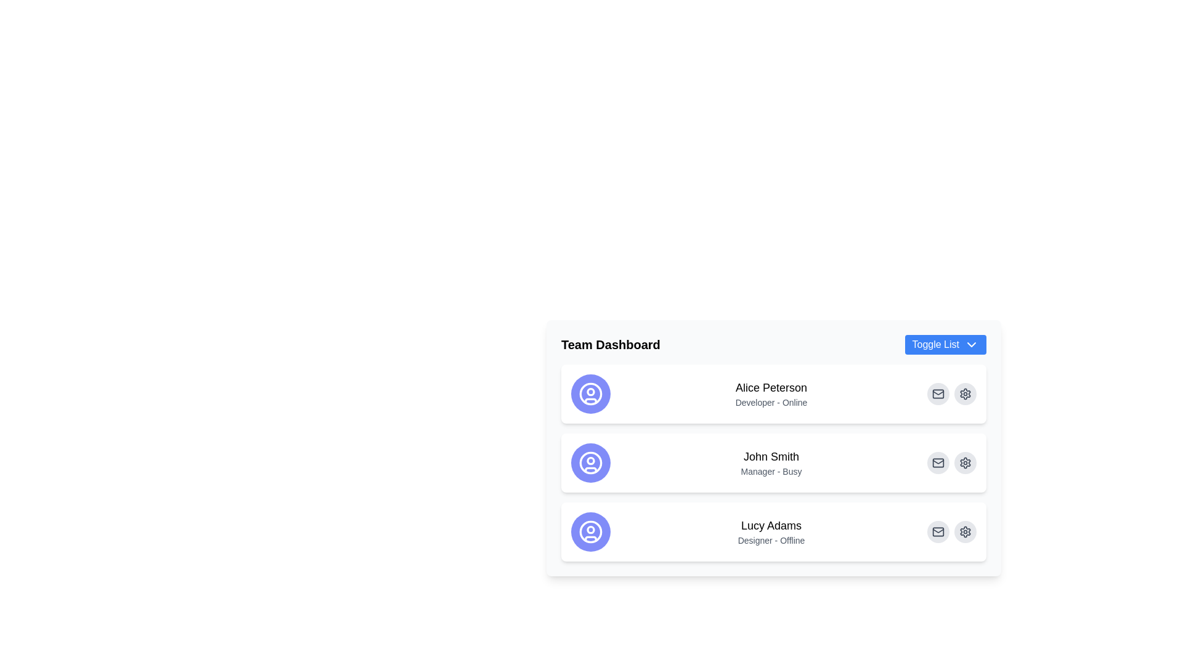 Image resolution: width=1183 pixels, height=665 pixels. I want to click on the visual indicator icon located to the right of the 'Toggle List' button in the upper-right corner of the content area, so click(971, 344).